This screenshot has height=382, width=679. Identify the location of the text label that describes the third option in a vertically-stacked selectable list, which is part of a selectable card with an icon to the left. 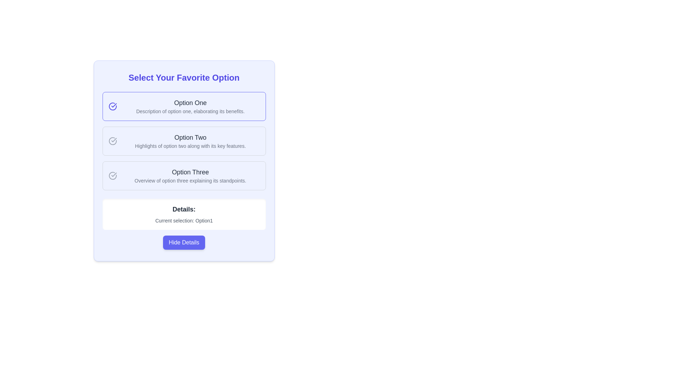
(190, 175).